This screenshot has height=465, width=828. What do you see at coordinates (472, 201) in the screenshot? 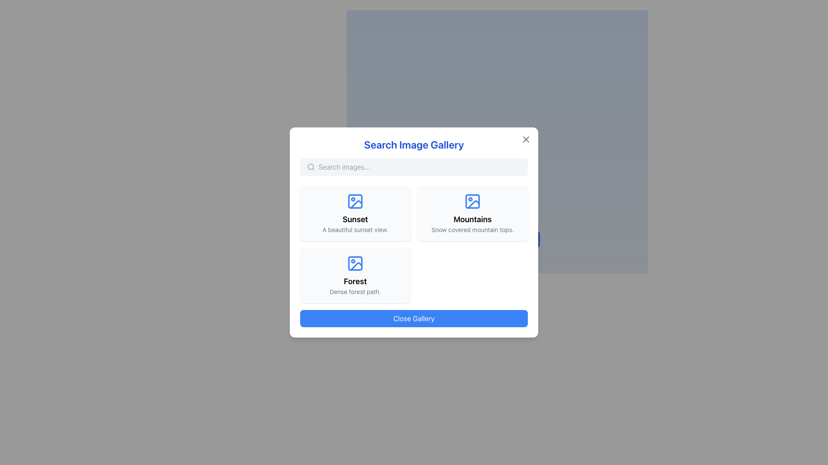
I see `the graphical icon representing an image with a blue outline located at the top-center of the 'Mountains' card in the 'Search Image Gallery' modal` at bounding box center [472, 201].